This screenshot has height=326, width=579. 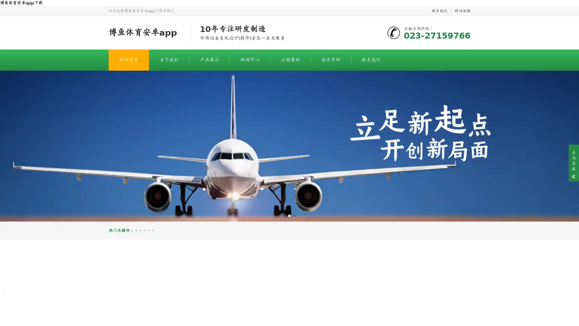 I want to click on Go to slide 2, so click(x=289, y=215).